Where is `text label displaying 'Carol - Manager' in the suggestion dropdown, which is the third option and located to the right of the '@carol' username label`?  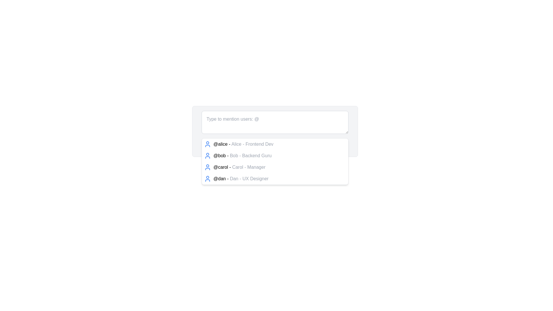
text label displaying 'Carol - Manager' in the suggestion dropdown, which is the third option and located to the right of the '@carol' username label is located at coordinates (249, 167).